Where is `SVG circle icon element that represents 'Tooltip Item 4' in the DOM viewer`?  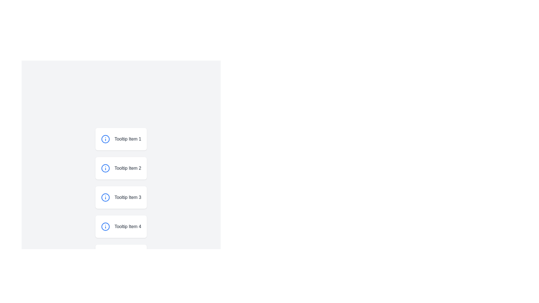 SVG circle icon element that represents 'Tooltip Item 4' in the DOM viewer is located at coordinates (105, 226).